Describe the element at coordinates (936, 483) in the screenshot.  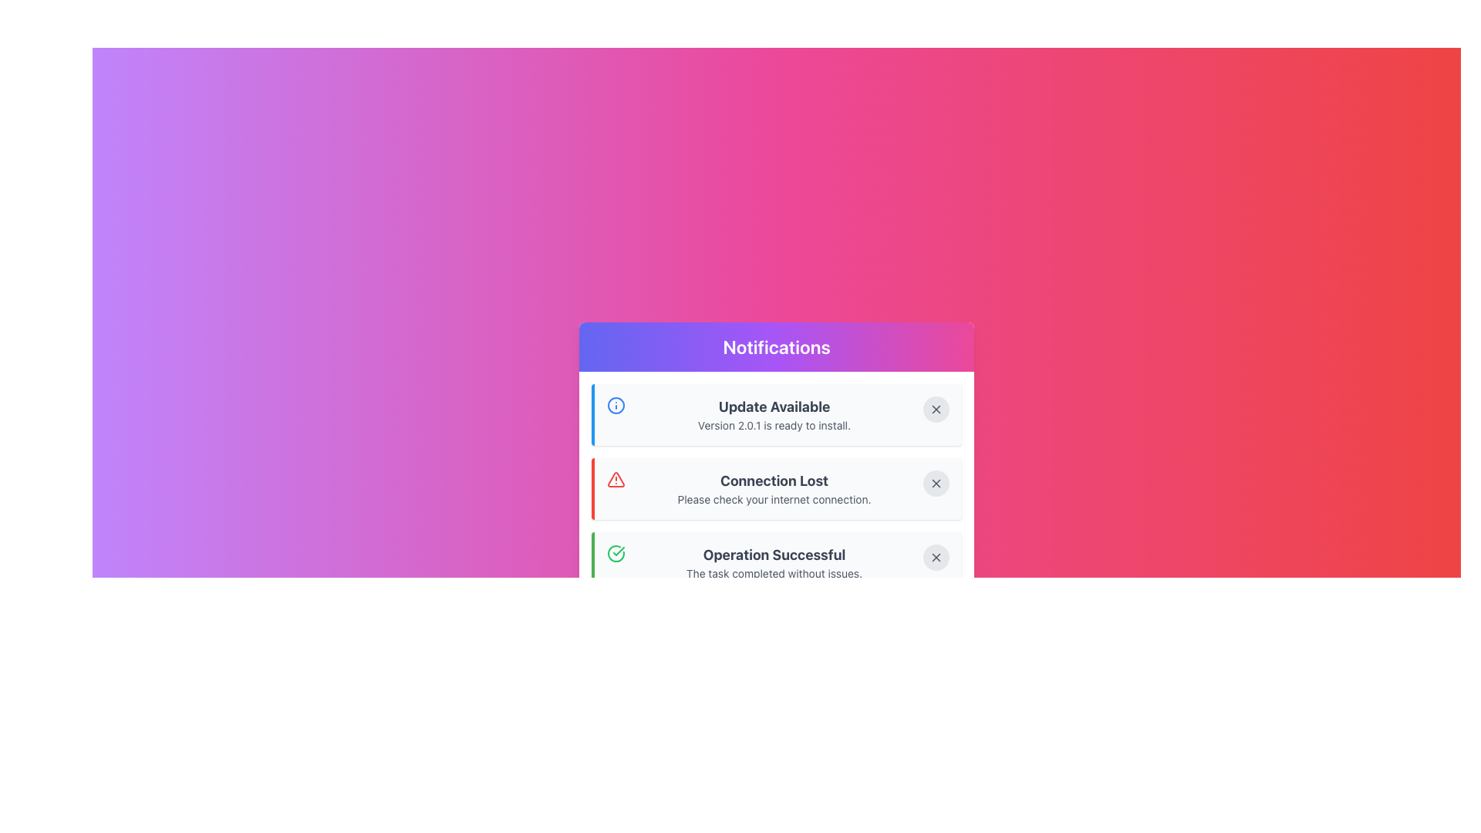
I see `the close button located on the right side of the 'Connection Lost' notification` at that location.